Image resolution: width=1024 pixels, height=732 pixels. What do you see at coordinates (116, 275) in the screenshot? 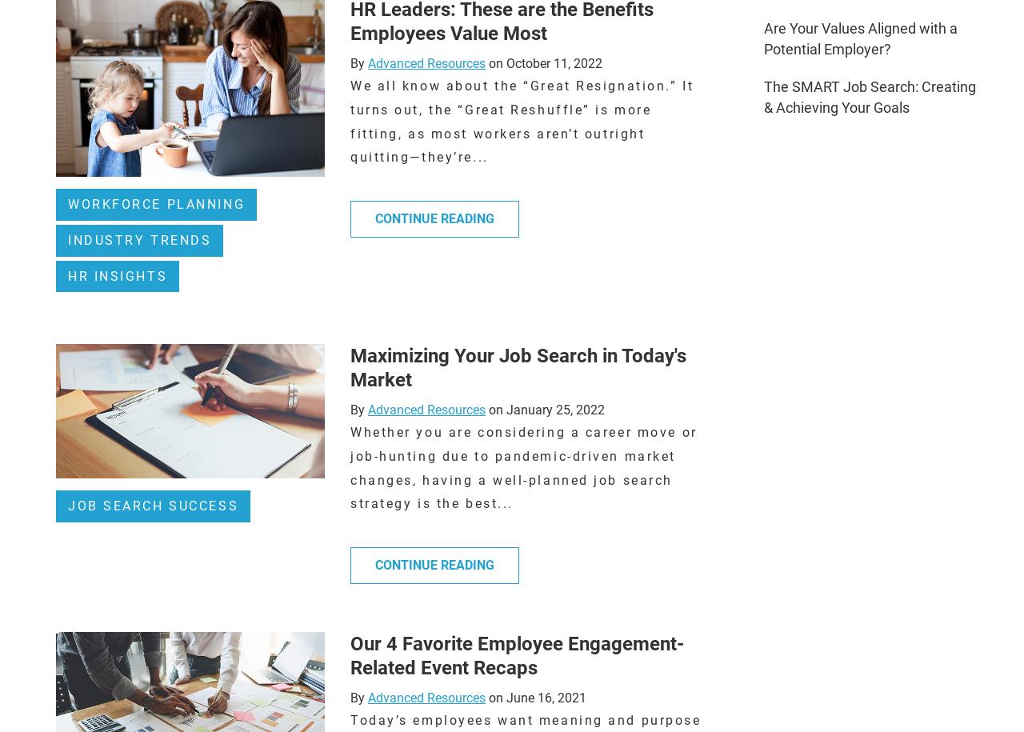
I see `'HR Insights'` at bounding box center [116, 275].